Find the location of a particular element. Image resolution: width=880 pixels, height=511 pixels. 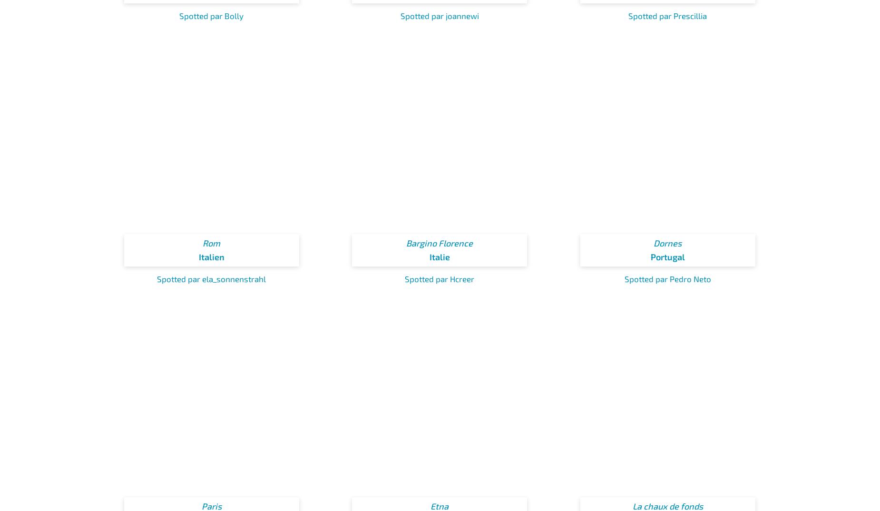

'Spotted par Bolly' is located at coordinates (179, 15).